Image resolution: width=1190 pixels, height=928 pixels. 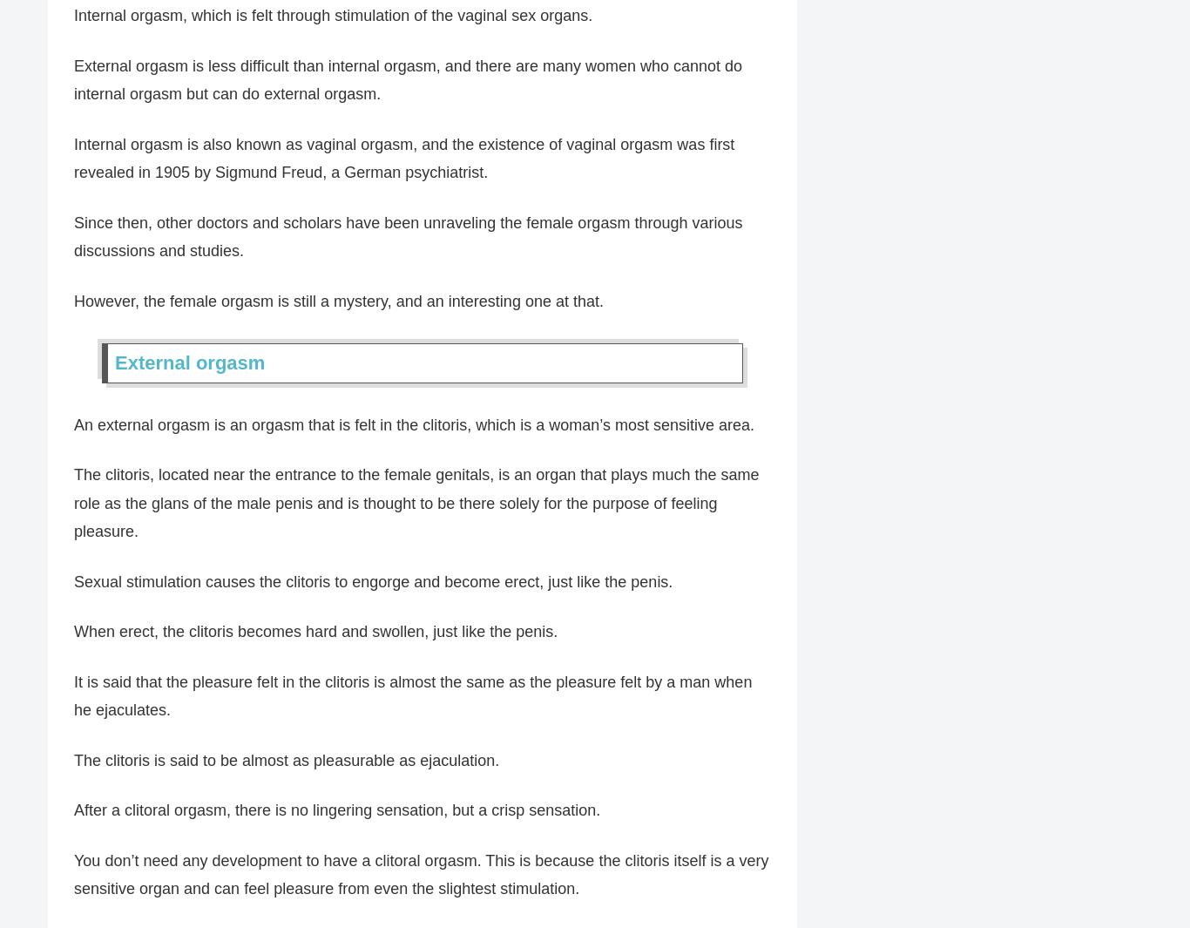 I want to click on 'External orgasm is less difficult than internal orgasm, and there are many women who cannot do internal orgasm but can do external orgasm.', so click(x=408, y=78).